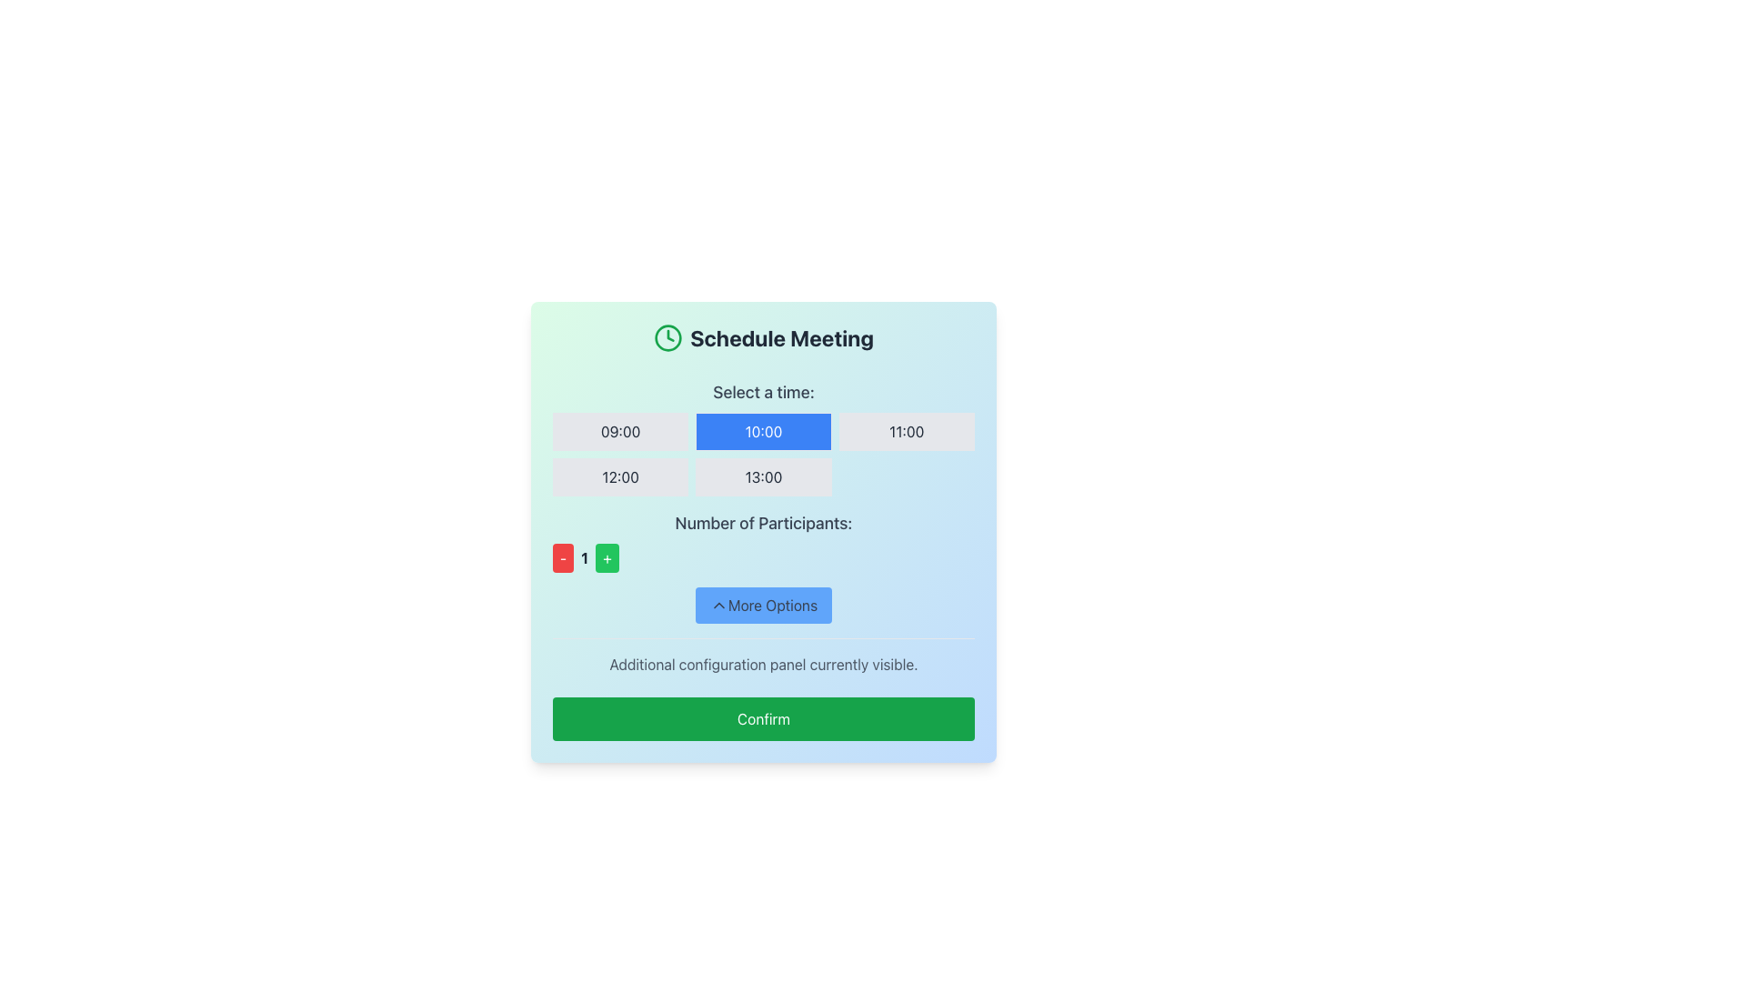  What do you see at coordinates (620, 476) in the screenshot?
I see `the interactive button for selecting the time '12:00'` at bounding box center [620, 476].